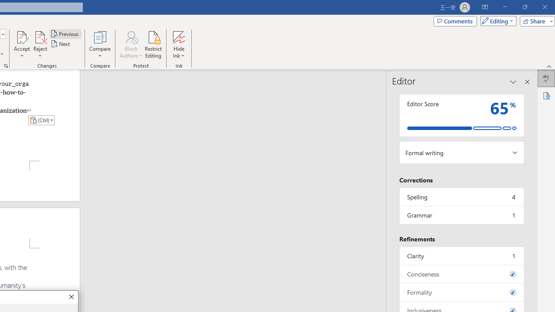 This screenshot has height=312, width=555. What do you see at coordinates (39, 45) in the screenshot?
I see `'Reject'` at bounding box center [39, 45].